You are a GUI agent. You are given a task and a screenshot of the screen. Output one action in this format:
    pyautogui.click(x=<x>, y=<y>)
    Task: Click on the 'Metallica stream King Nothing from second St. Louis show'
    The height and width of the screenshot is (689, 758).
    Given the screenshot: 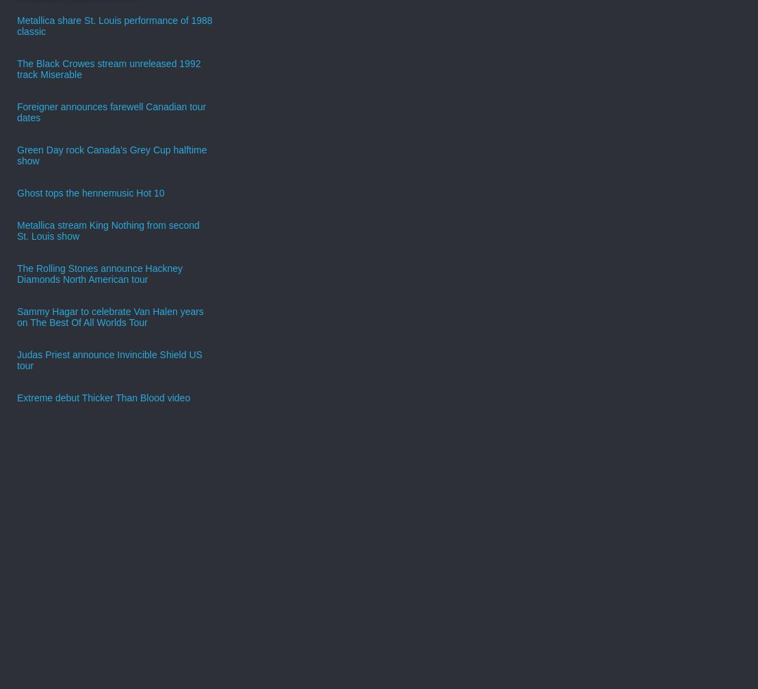 What is the action you would take?
    pyautogui.click(x=107, y=229)
    